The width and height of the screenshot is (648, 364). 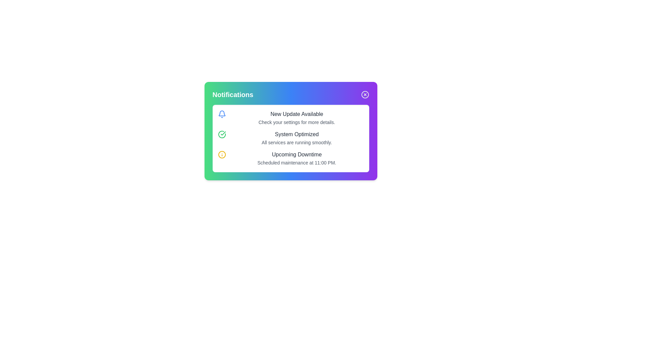 I want to click on the outer circular component of the success icon located second in the vertical arrangement of icons within the notification panel, so click(x=222, y=134).